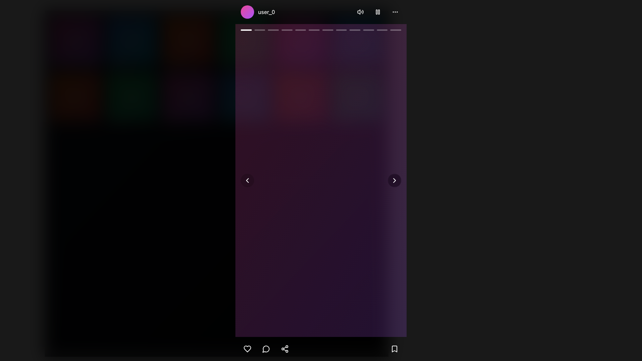  I want to click on the text label displaying 'user_0' located next to the avatar circle in the UI header section, so click(266, 12).